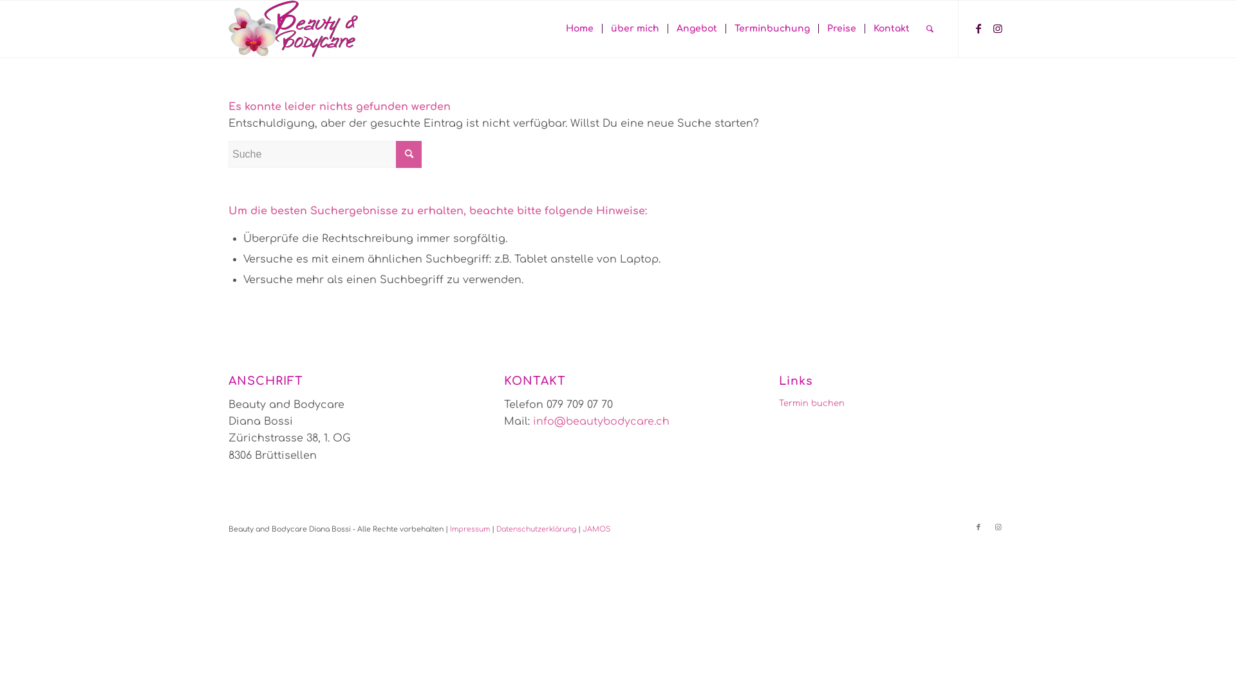 The image size is (1236, 695). What do you see at coordinates (579, 29) in the screenshot?
I see `'Home'` at bounding box center [579, 29].